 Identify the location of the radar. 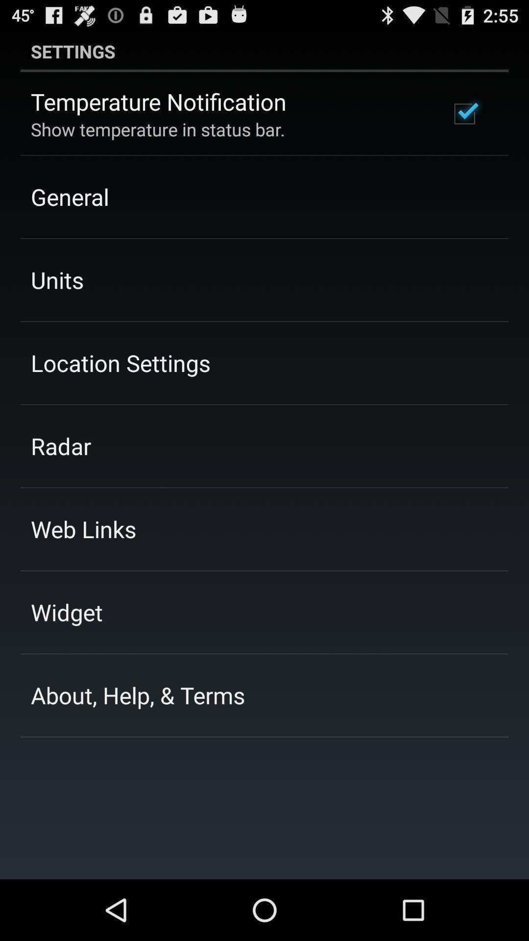
(61, 446).